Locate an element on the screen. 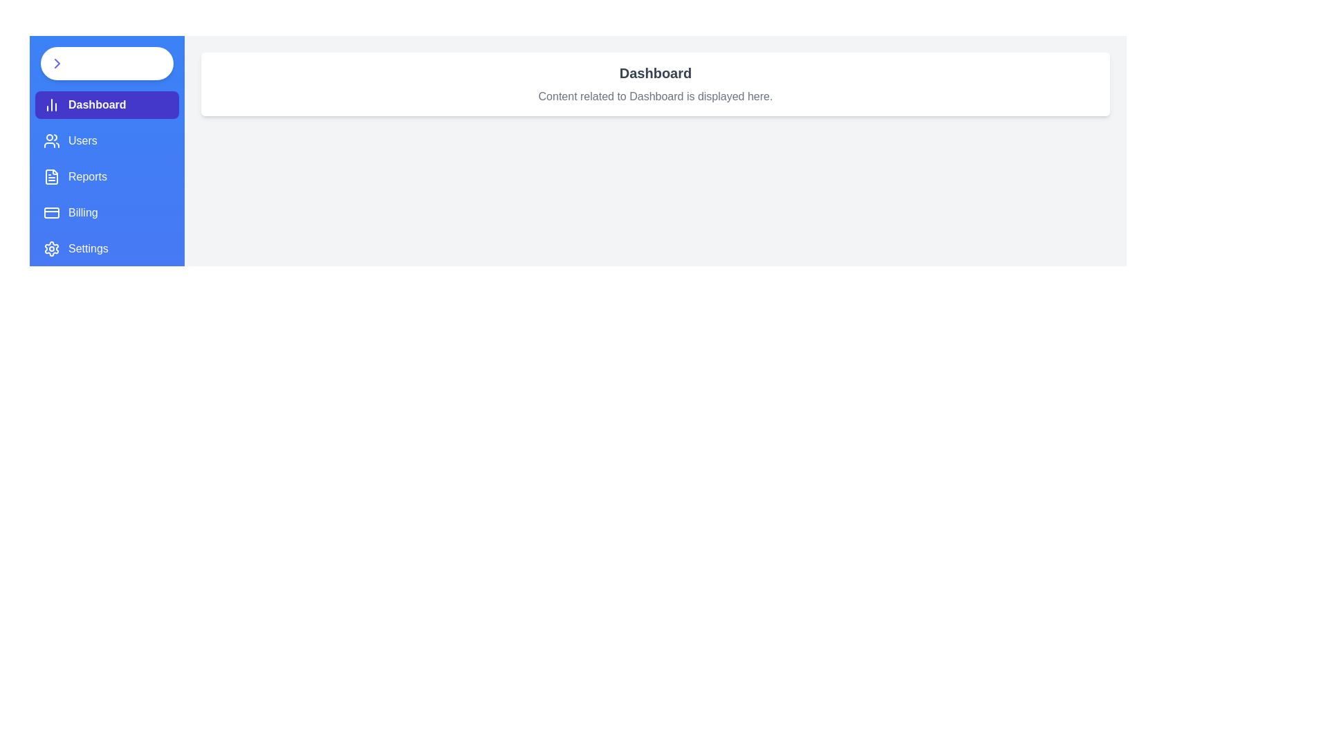 The width and height of the screenshot is (1328, 747). the tab labeled Billing from the sidebar is located at coordinates (106, 213).